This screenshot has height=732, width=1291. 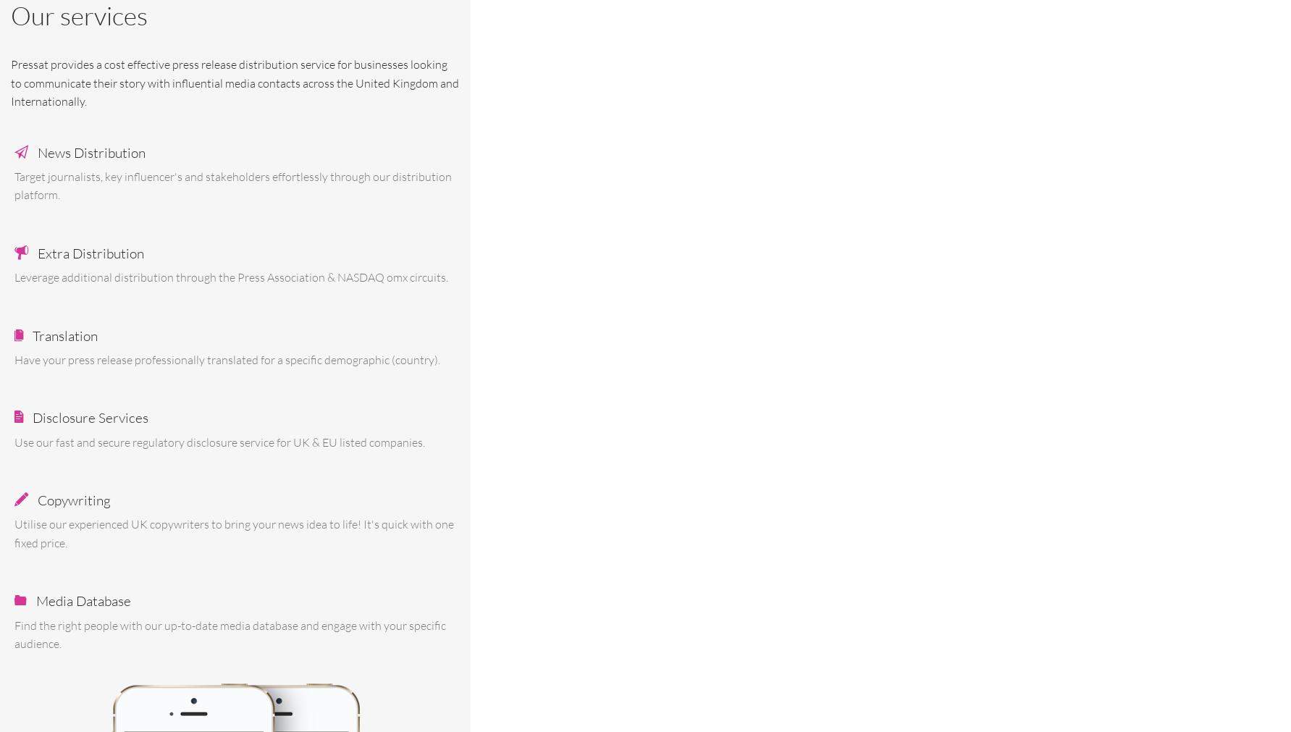 I want to click on 'Extra Distribution', so click(x=90, y=253).